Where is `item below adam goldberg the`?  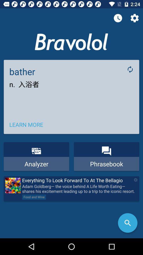
item below adam goldberg the is located at coordinates (127, 223).